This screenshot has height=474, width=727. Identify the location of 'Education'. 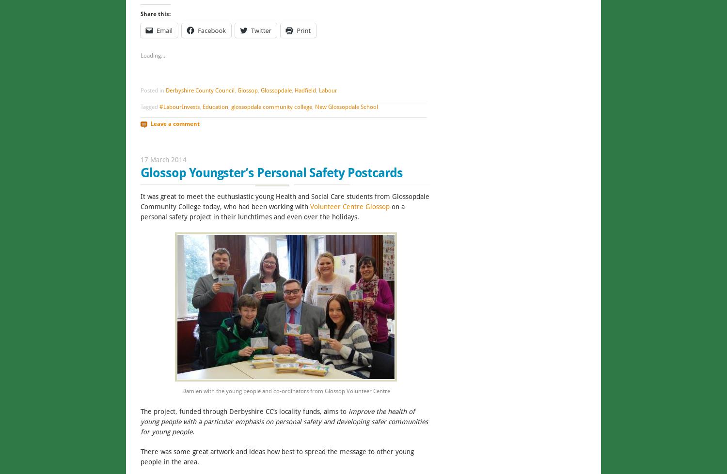
(215, 107).